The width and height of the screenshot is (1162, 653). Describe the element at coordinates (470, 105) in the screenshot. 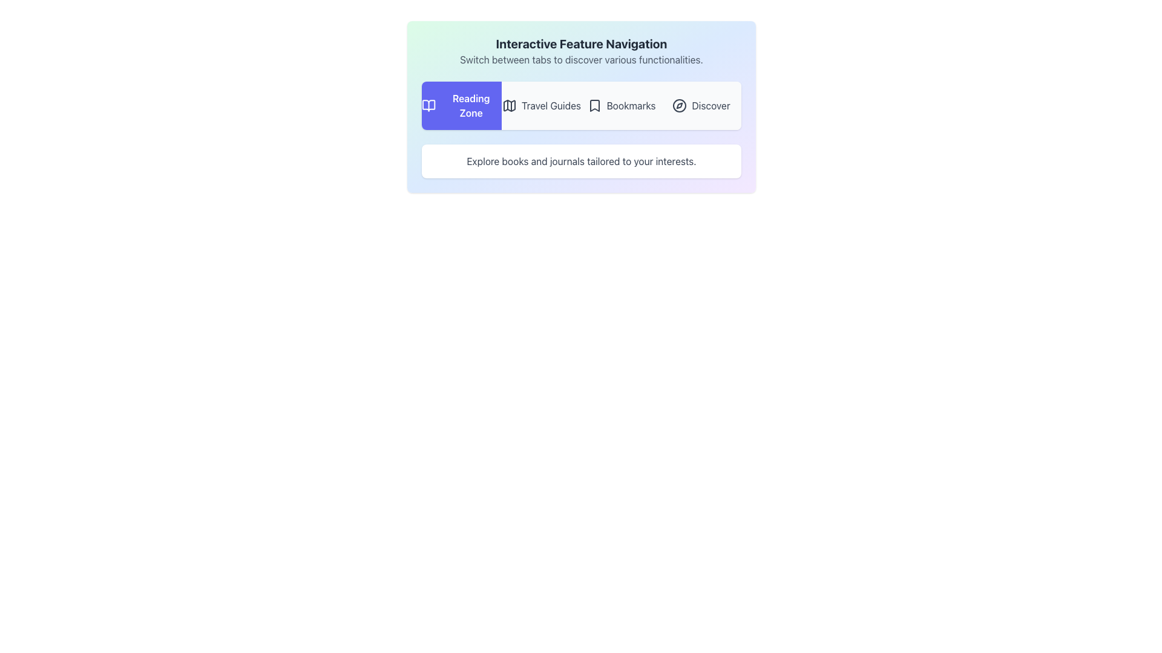

I see `text displayed in the 'Reading Zone' label, which is a white sans-serif font on a purple background, positioned to the right of an open book icon` at that location.